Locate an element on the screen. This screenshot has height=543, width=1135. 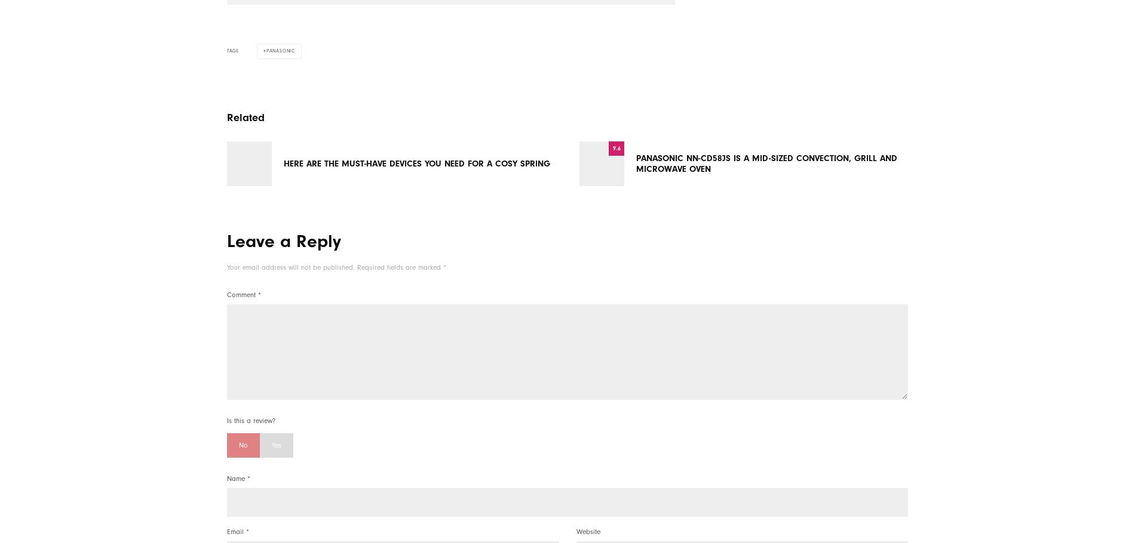
'Name' is located at coordinates (236, 477).